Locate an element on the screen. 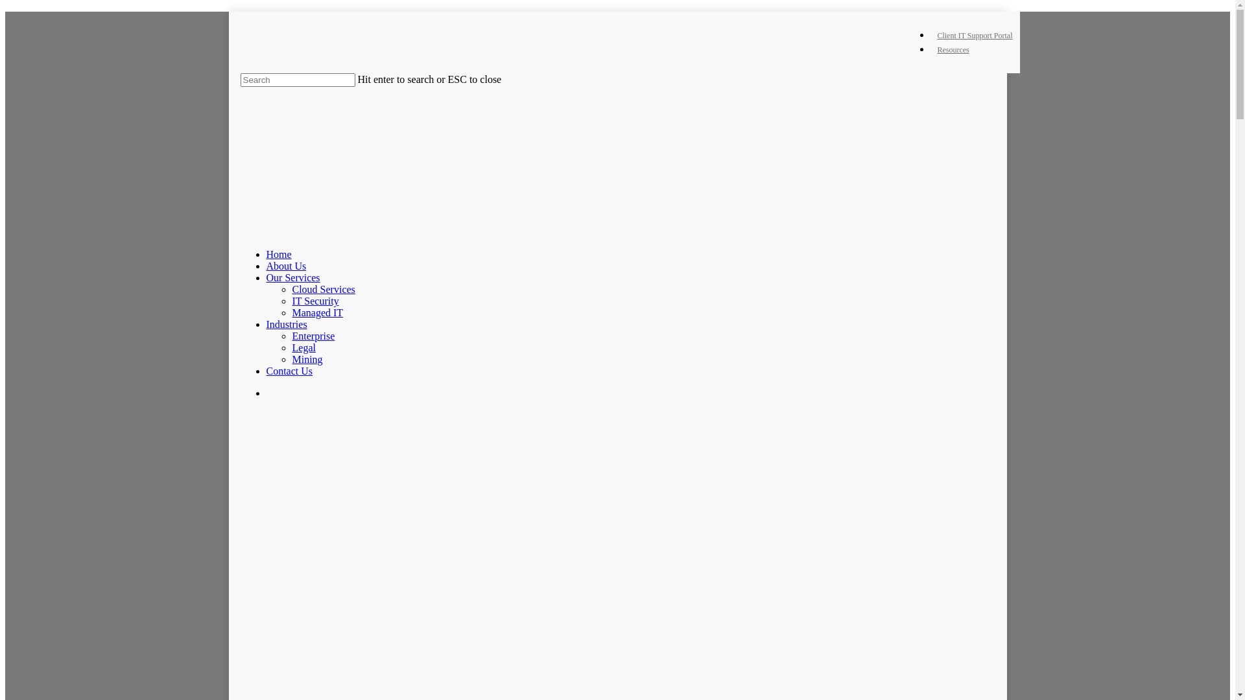  'Enterprise' is located at coordinates (291, 335).